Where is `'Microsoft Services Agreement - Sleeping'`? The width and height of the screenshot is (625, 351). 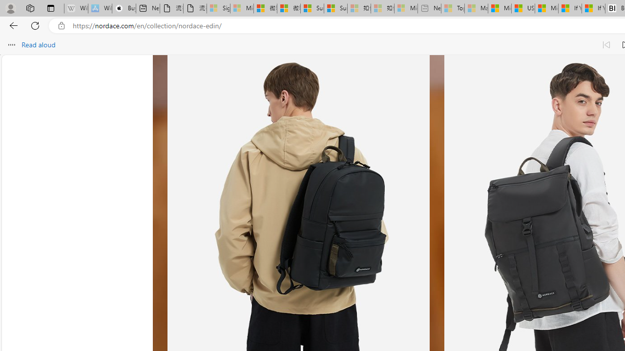 'Microsoft Services Agreement - Sleeping' is located at coordinates (242, 8).